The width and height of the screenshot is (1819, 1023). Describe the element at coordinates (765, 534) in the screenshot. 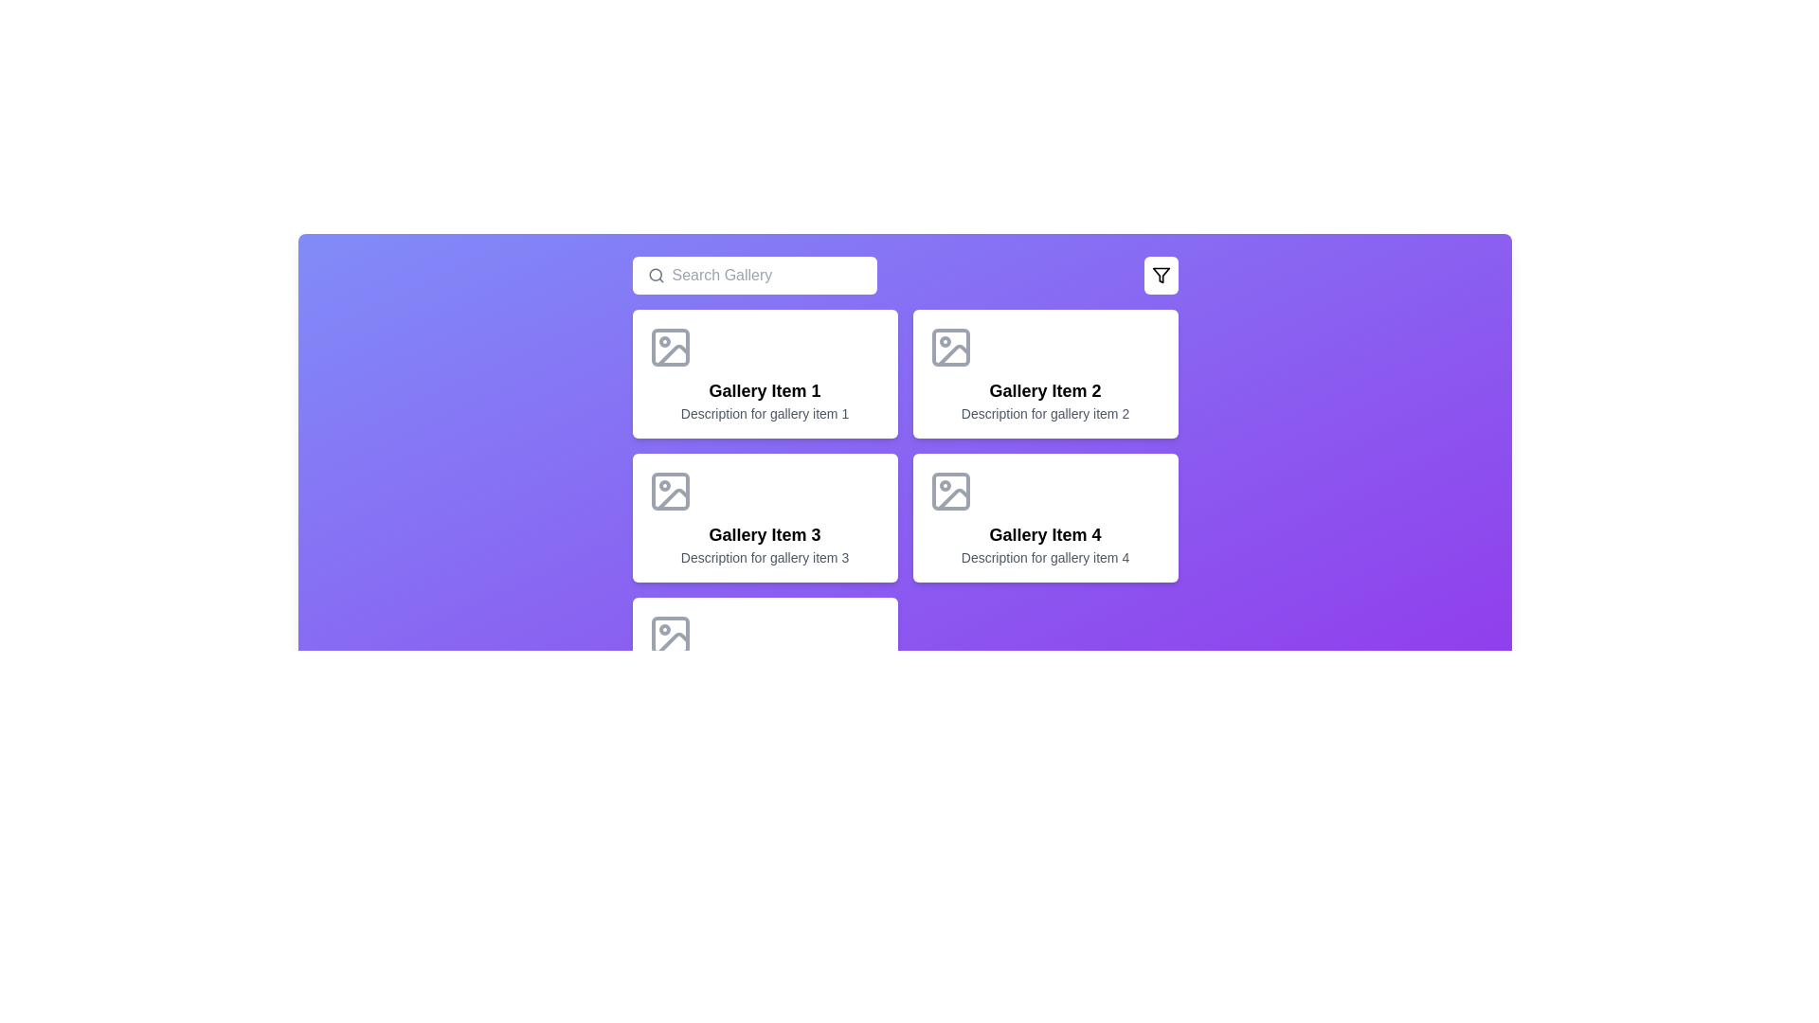

I see `the text label element that displays 'Gallery Item 3'` at that location.